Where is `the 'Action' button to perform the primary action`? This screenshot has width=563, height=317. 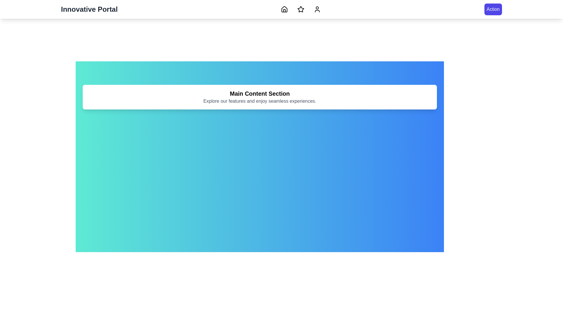
the 'Action' button to perform the primary action is located at coordinates (493, 9).